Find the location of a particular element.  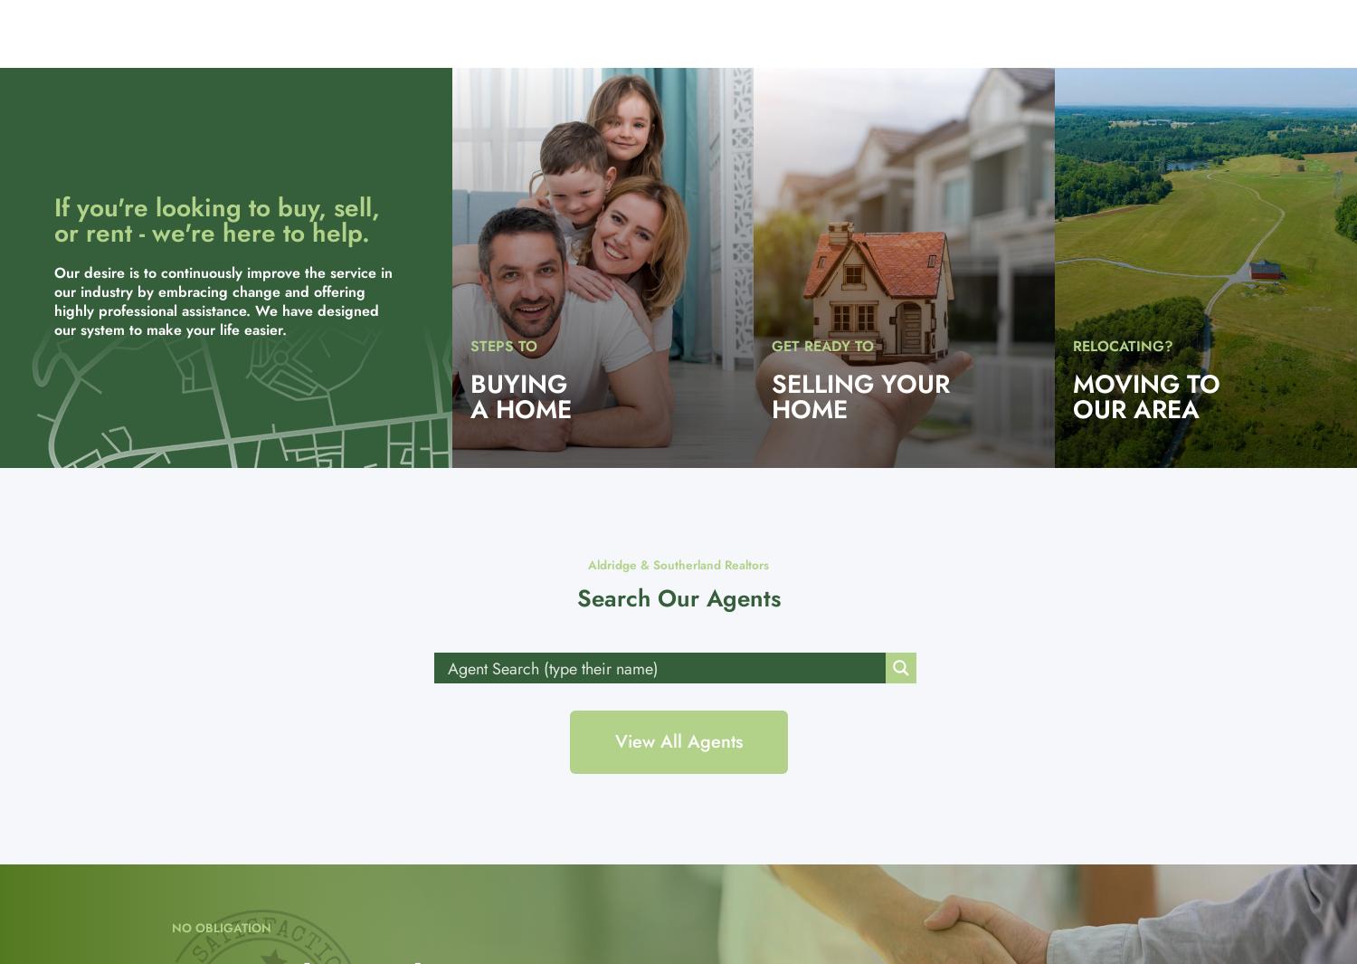

'Aldridge & Southerland Realtors' is located at coordinates (587, 565).